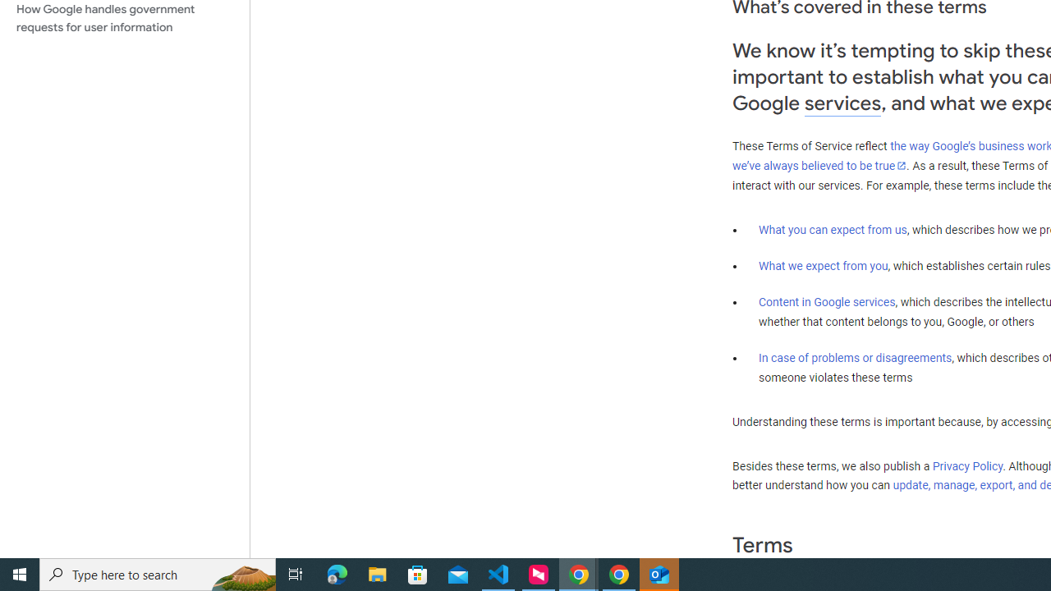 The height and width of the screenshot is (591, 1051). Describe the element at coordinates (823, 265) in the screenshot. I see `'What we expect from you'` at that location.